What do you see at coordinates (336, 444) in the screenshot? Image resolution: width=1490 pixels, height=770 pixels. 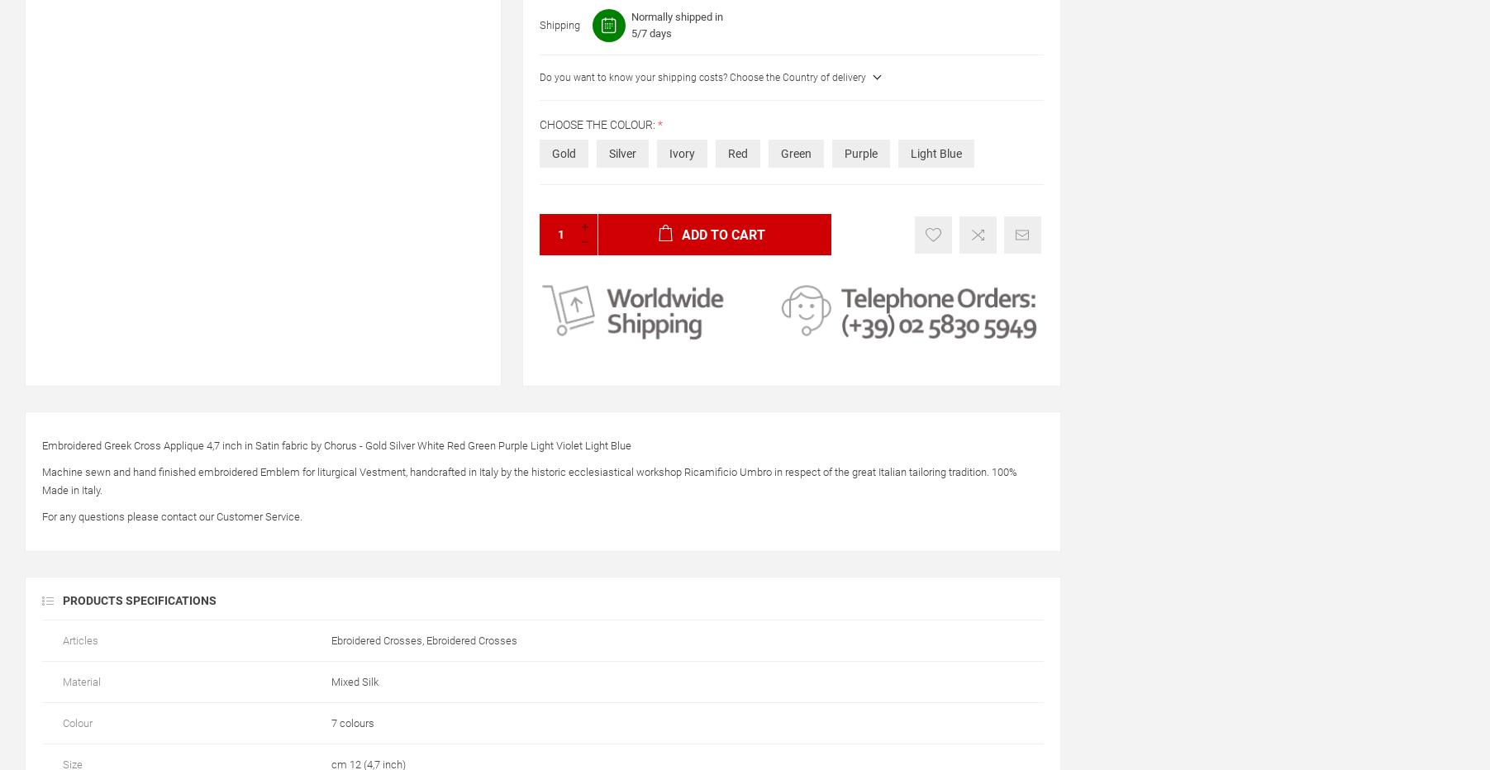 I see `'Embroidered Greek Cross Applique 4,7 inch in Satin fabric by Chorus - Gold Silver White Red Green Purple Light Violet Light Blue'` at bounding box center [336, 444].